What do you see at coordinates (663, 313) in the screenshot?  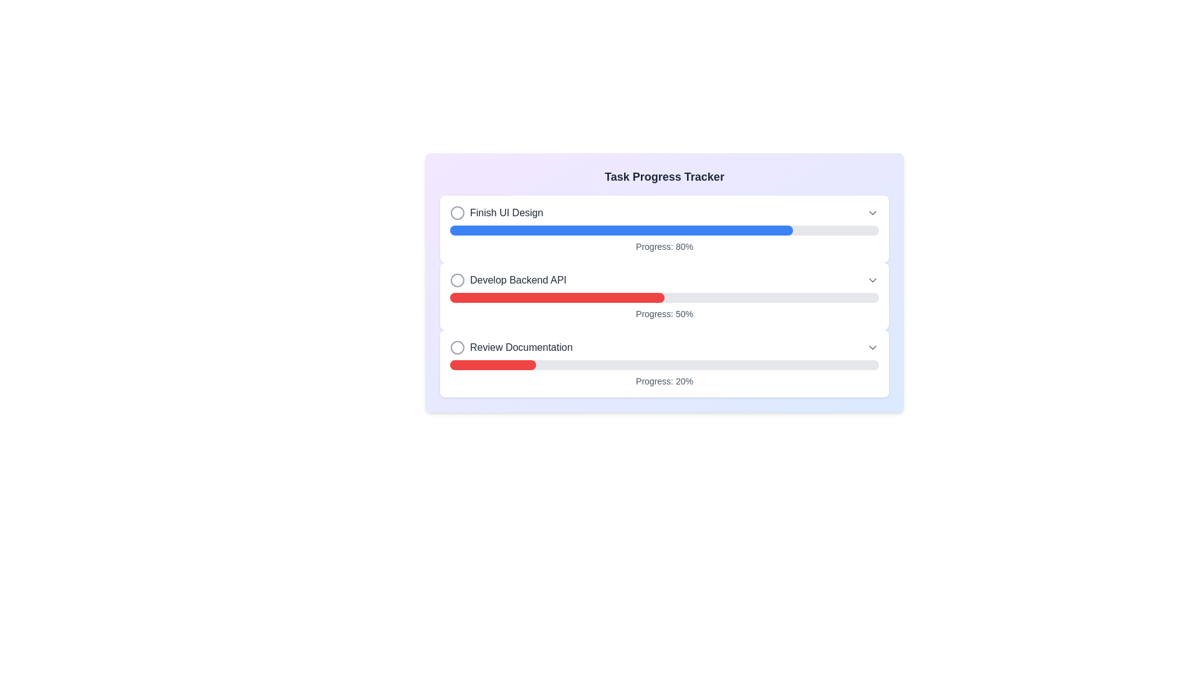 I see `the text label displaying 'Progress: 50%' located under the red progress bar in the 'Develop Backend API' task` at bounding box center [663, 313].